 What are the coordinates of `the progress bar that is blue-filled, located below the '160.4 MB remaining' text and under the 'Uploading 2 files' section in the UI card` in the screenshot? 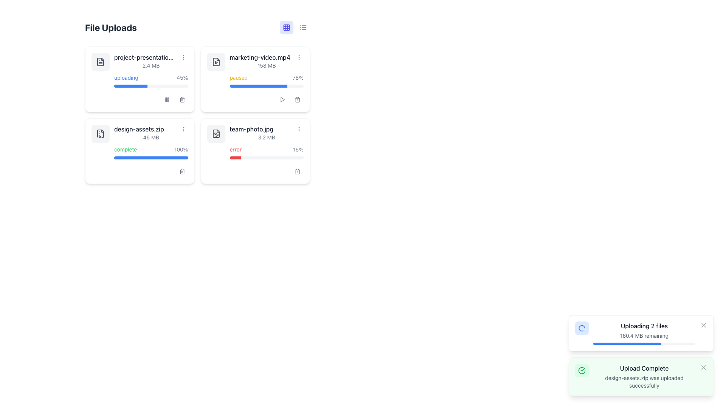 It's located at (644, 344).